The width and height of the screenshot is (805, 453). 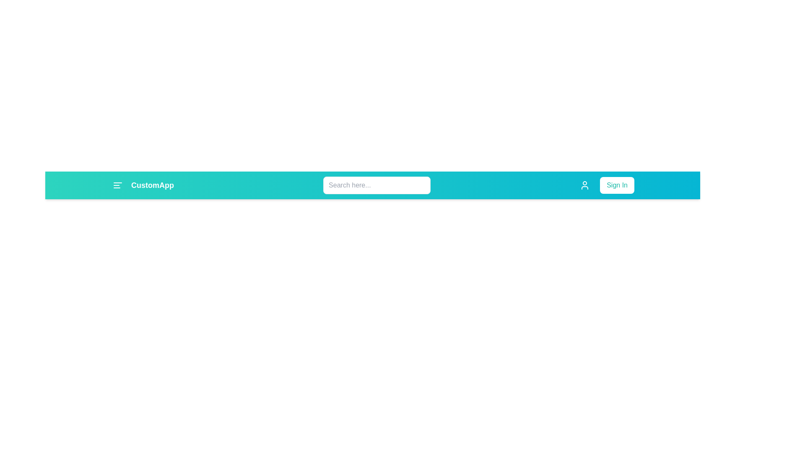 What do you see at coordinates (143, 185) in the screenshot?
I see `the application title 'CustomApp'` at bounding box center [143, 185].